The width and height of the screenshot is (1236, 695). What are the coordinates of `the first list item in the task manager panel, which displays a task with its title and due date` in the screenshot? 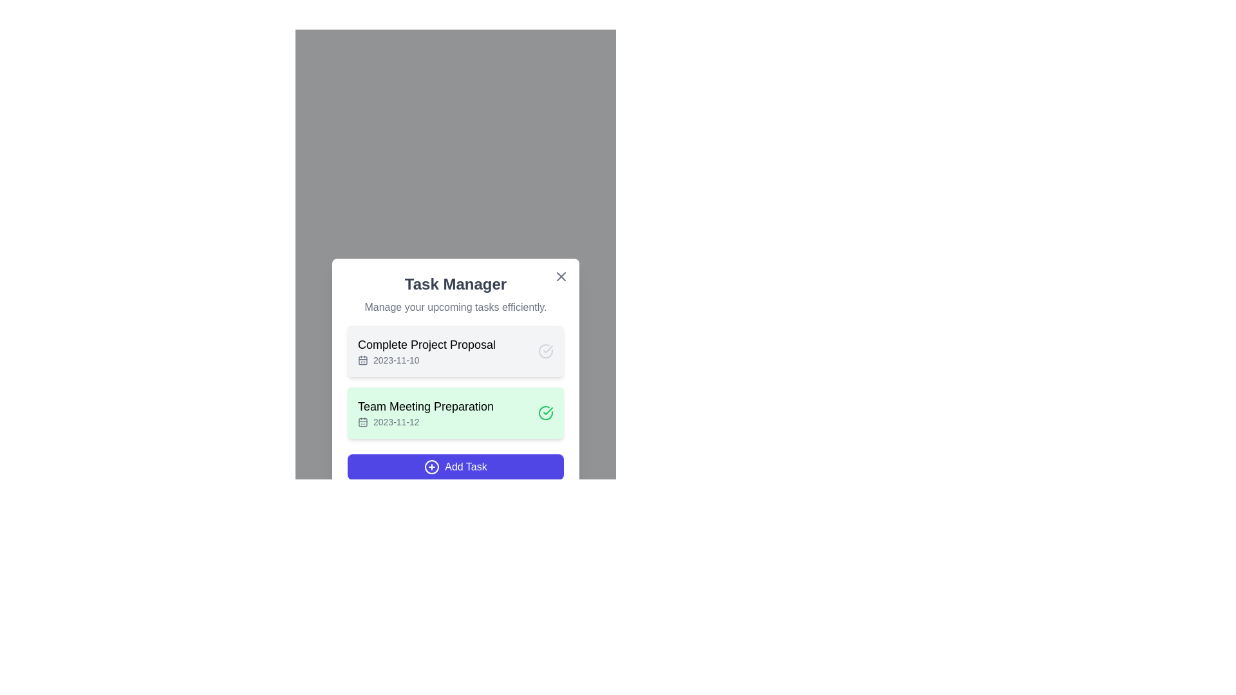 It's located at (426, 351).